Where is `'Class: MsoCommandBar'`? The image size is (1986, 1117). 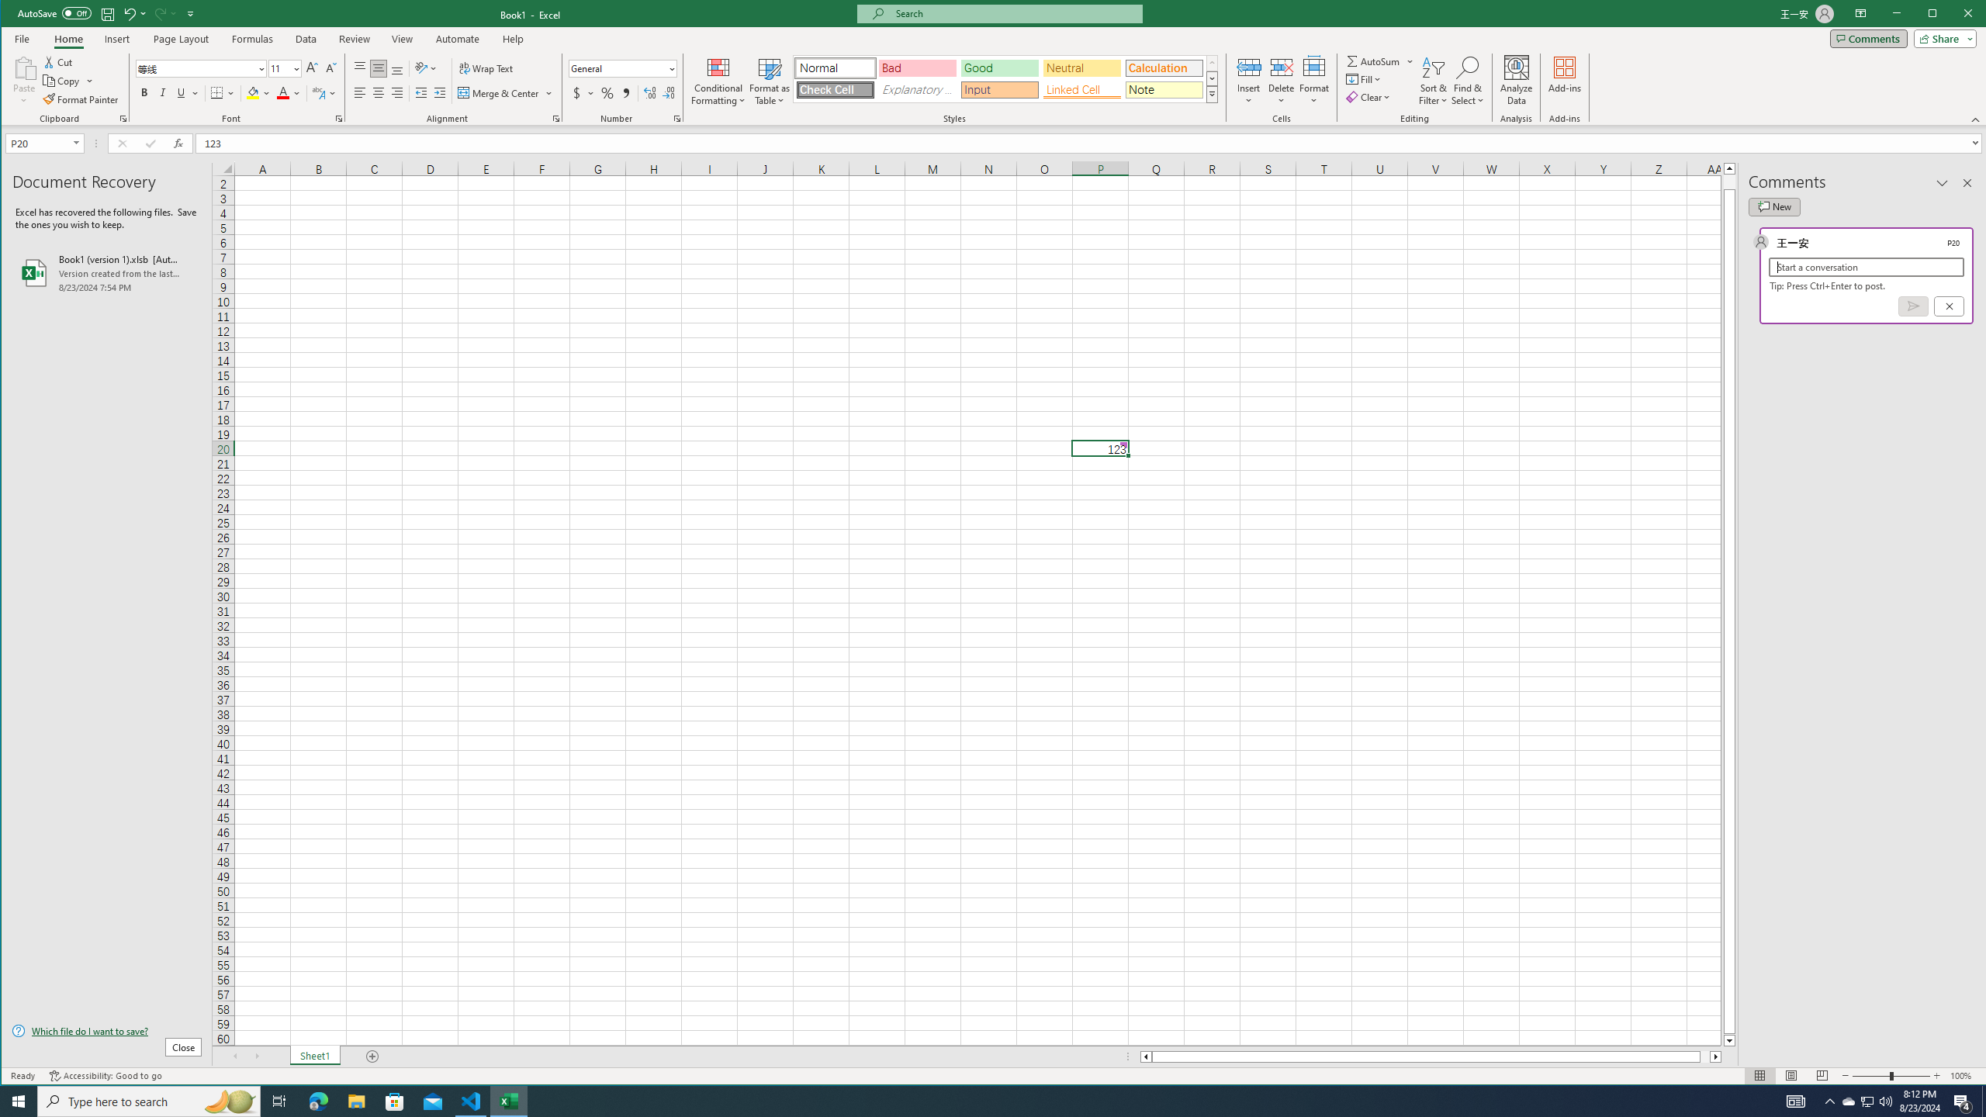 'Class: MsoCommandBar' is located at coordinates (667, 92).